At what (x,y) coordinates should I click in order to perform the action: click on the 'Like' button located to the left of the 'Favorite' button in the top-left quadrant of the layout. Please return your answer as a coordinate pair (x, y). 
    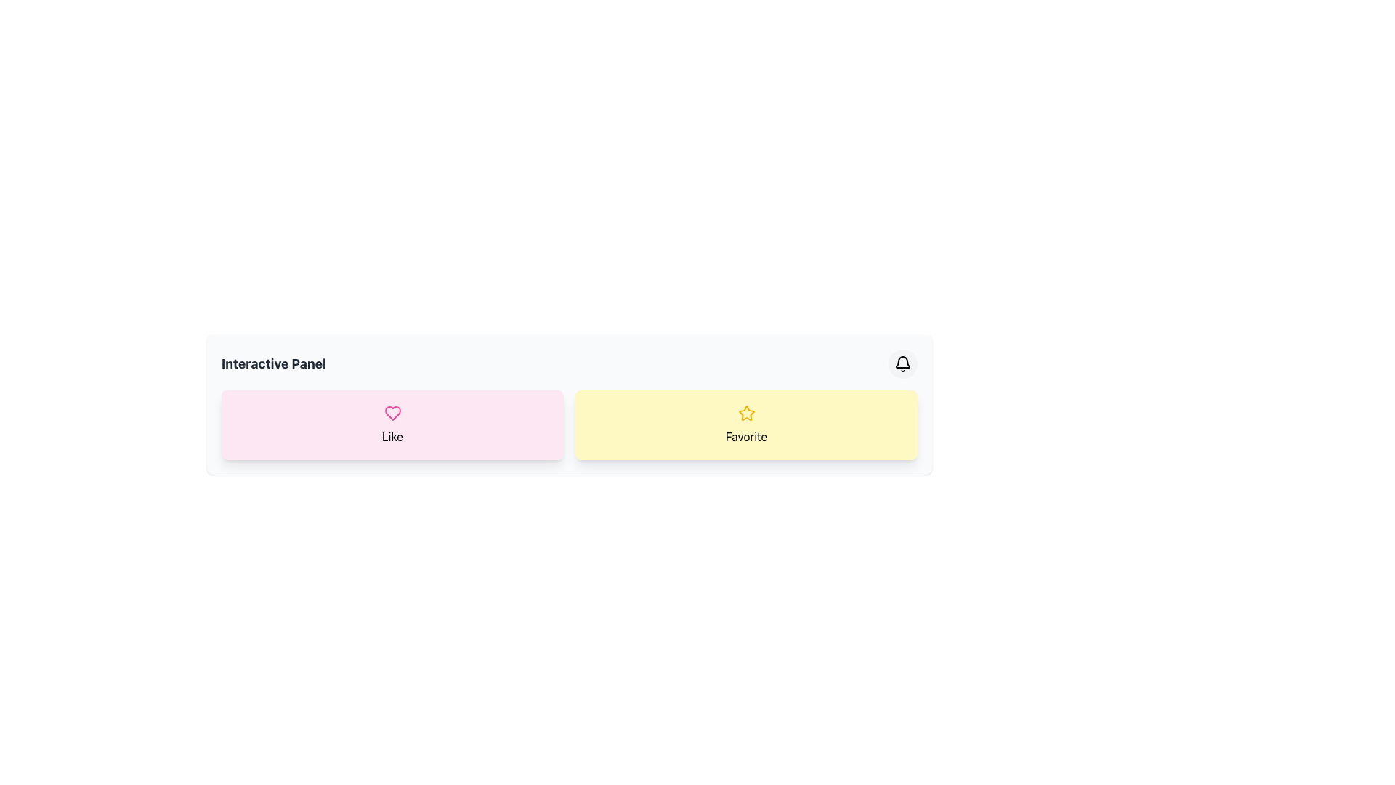
    Looking at the image, I should click on (392, 425).